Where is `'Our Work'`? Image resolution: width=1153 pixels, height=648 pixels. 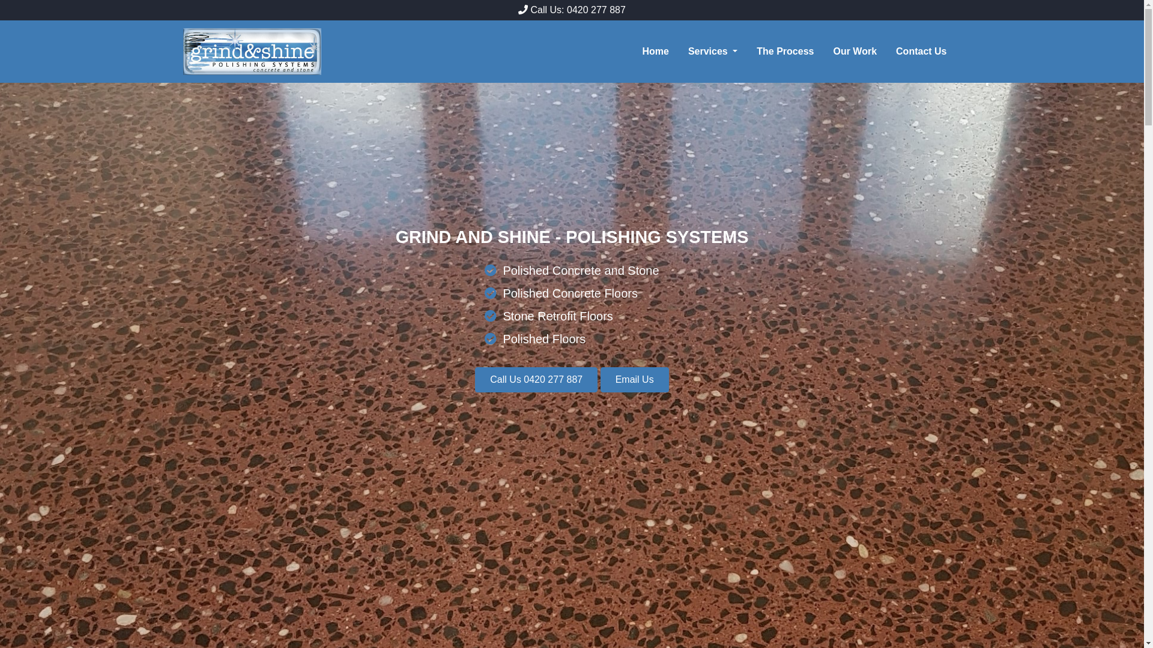 'Our Work' is located at coordinates (859, 50).